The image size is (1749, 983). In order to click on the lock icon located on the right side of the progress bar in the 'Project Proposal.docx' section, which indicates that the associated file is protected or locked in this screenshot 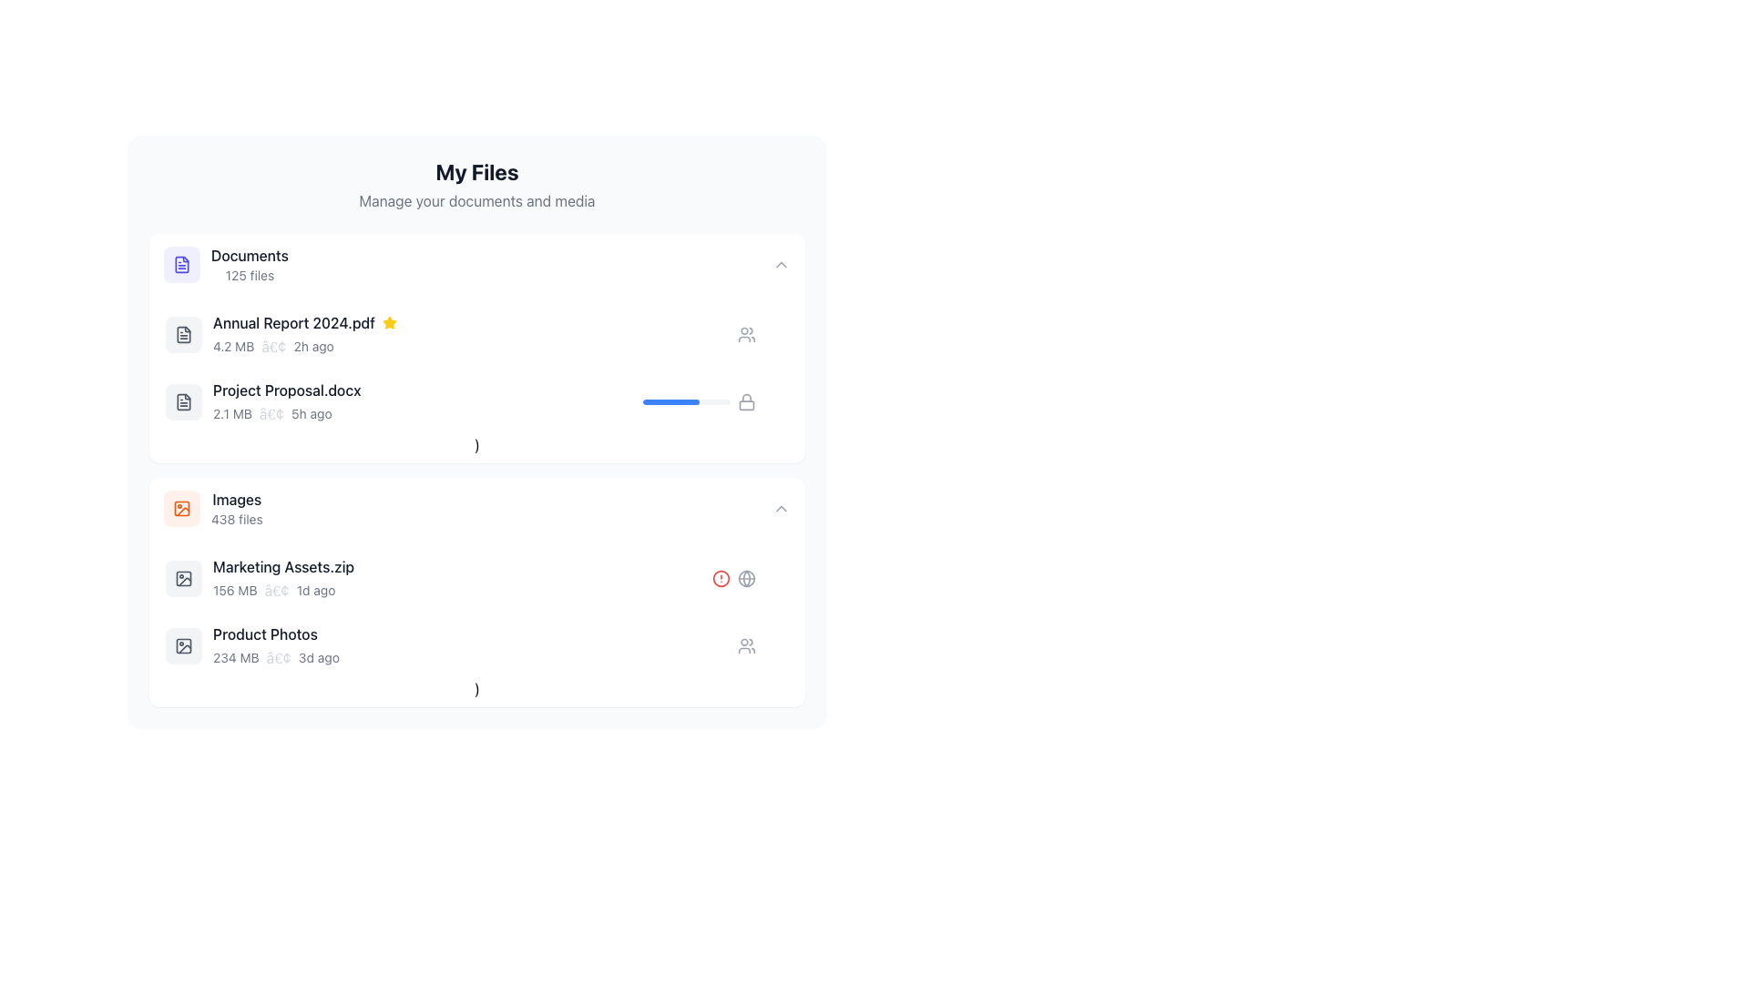, I will do `click(747, 401)`.